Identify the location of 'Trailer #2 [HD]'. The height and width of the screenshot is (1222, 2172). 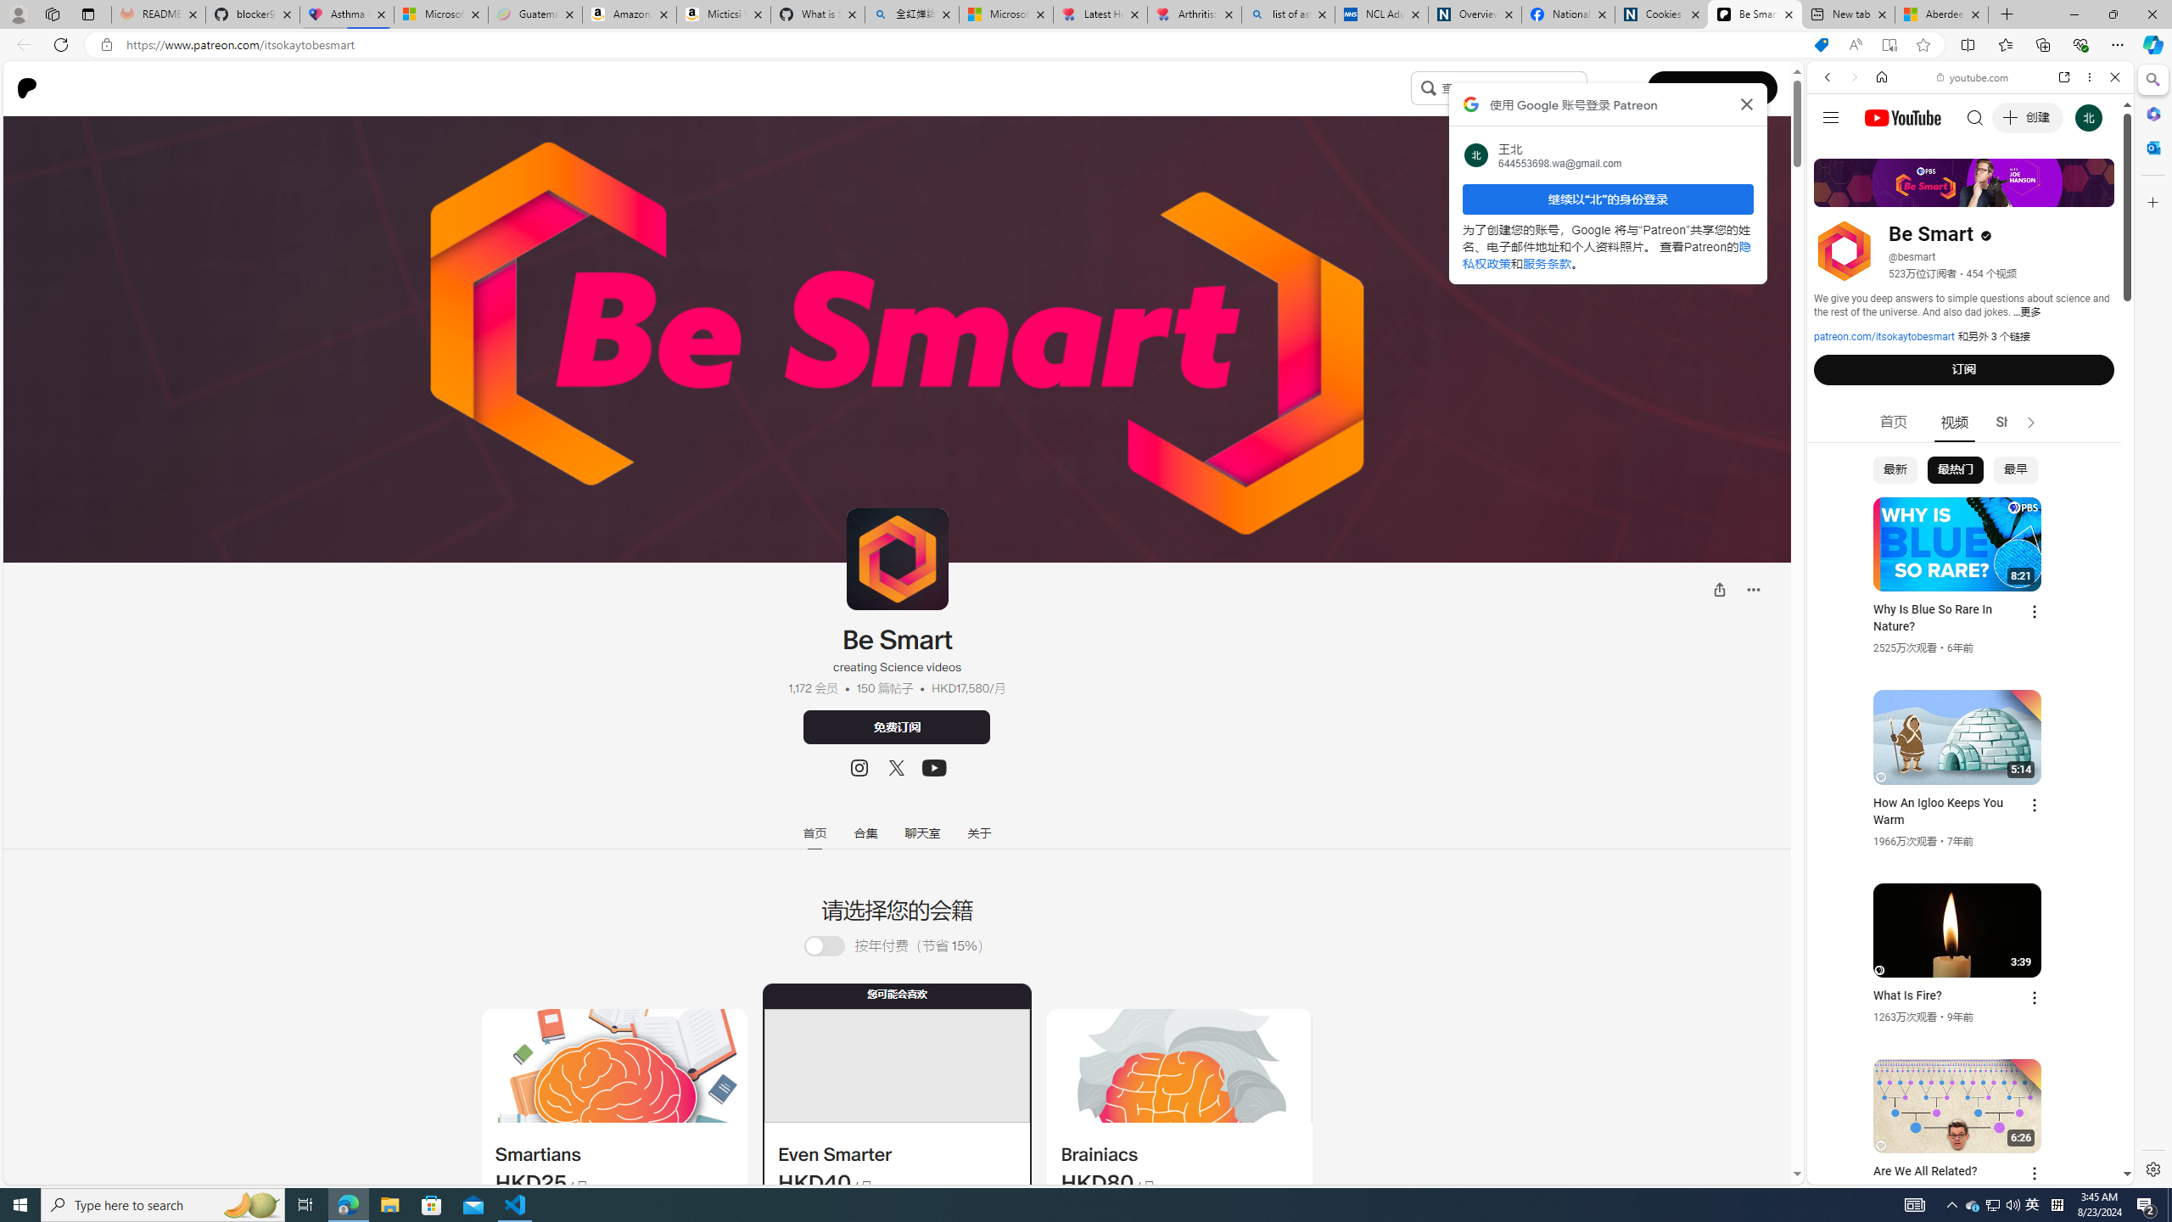
(1968, 502).